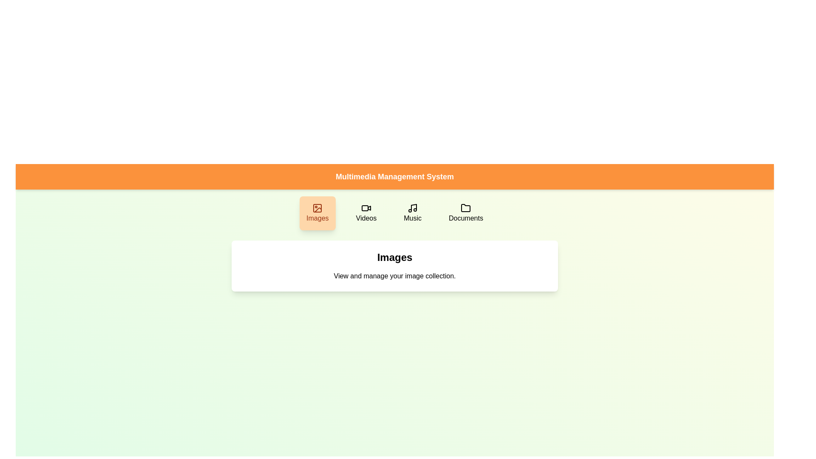 The height and width of the screenshot is (459, 816). I want to click on the Music button to switch the active category, so click(413, 212).